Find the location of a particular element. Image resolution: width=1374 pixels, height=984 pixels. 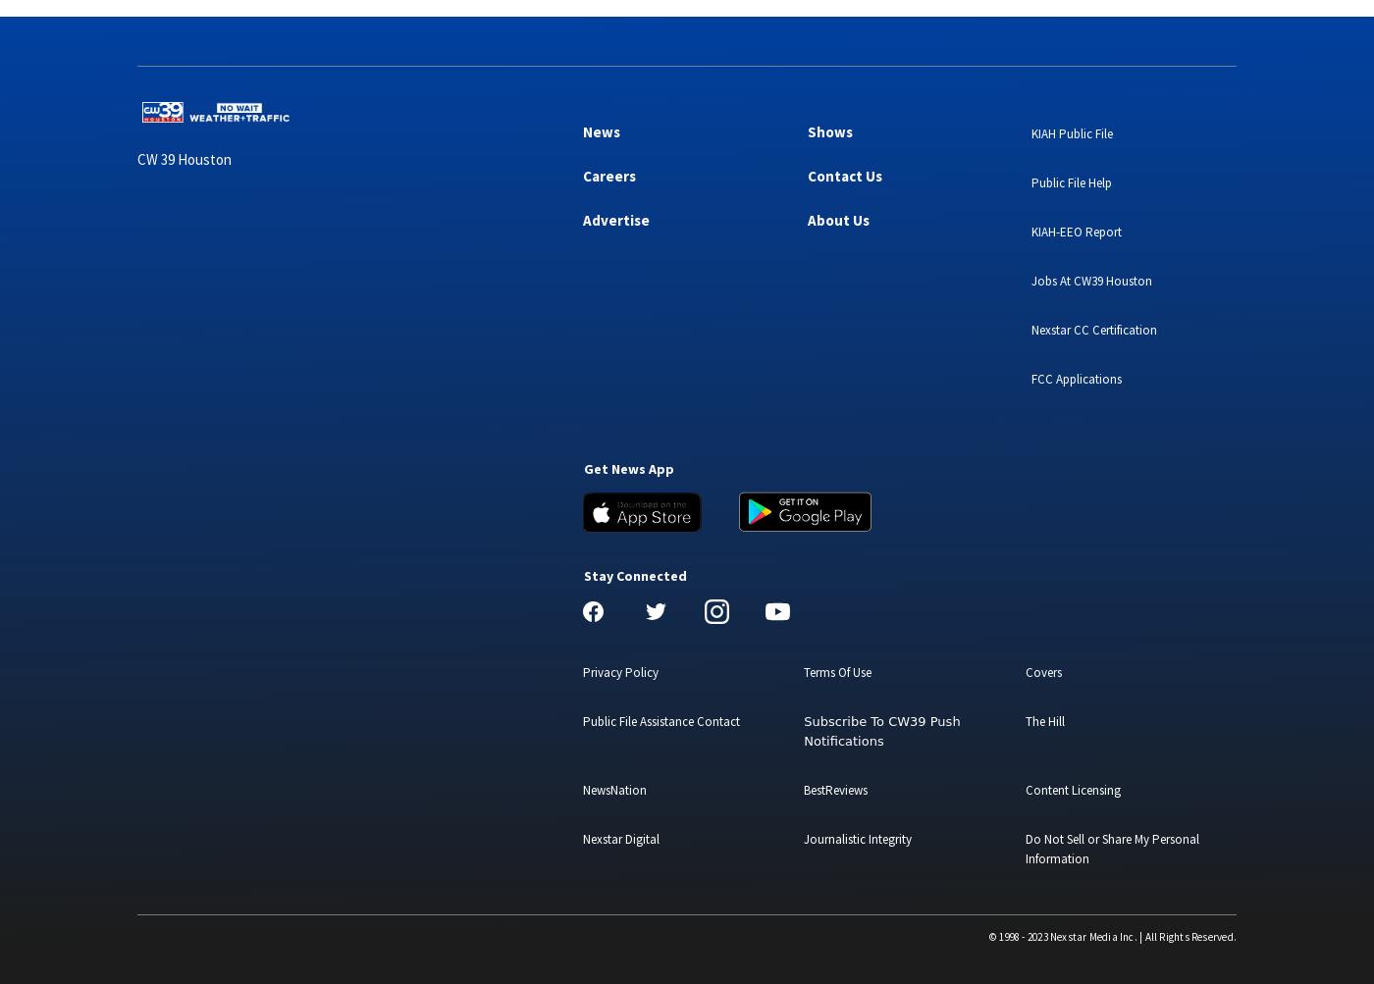

'KIAH-EEO Report' is located at coordinates (1077, 232).